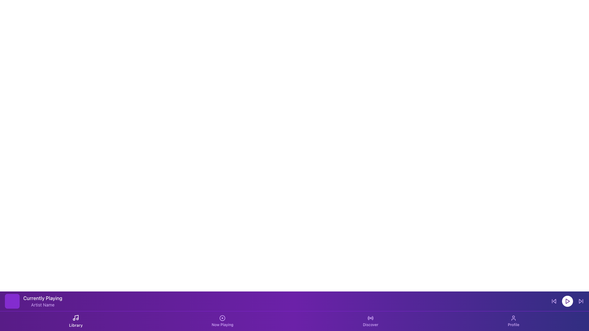  I want to click on the 'Play' button located in the bottom-right corner of the interface to initiate media playback, so click(567, 301).